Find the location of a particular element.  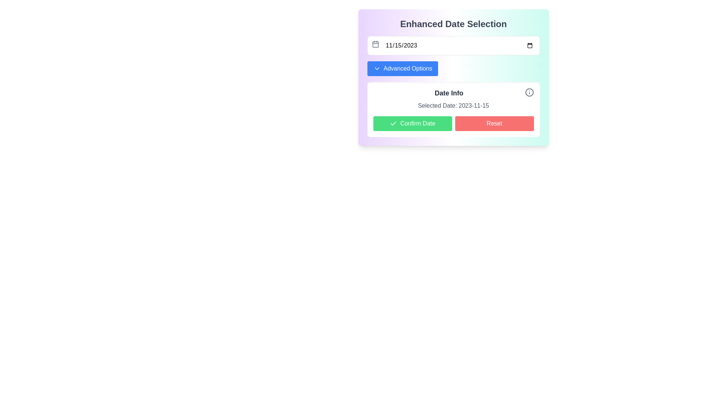

the informational icon located in the top-right corner of the 'Date Info' section is located at coordinates (529, 92).